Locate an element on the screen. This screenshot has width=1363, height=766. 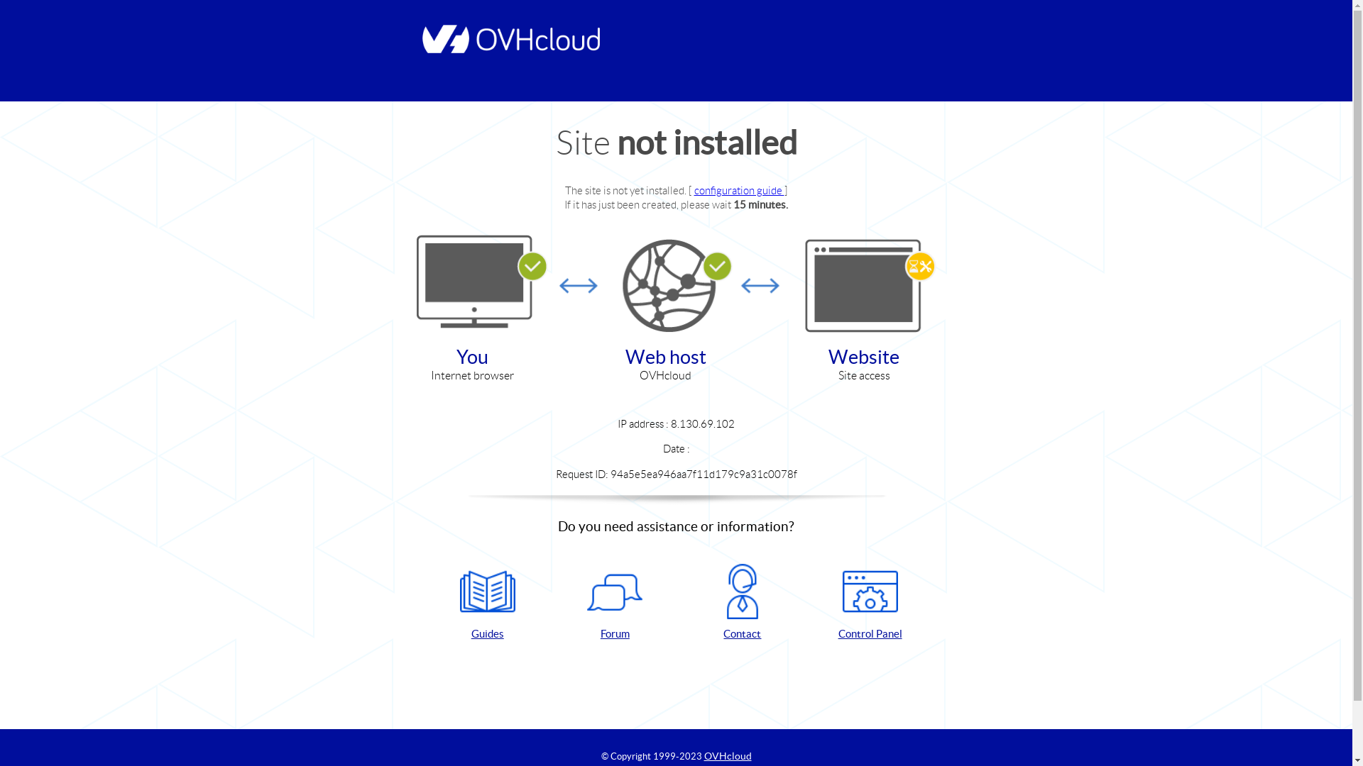
'Forum' is located at coordinates (614, 602).